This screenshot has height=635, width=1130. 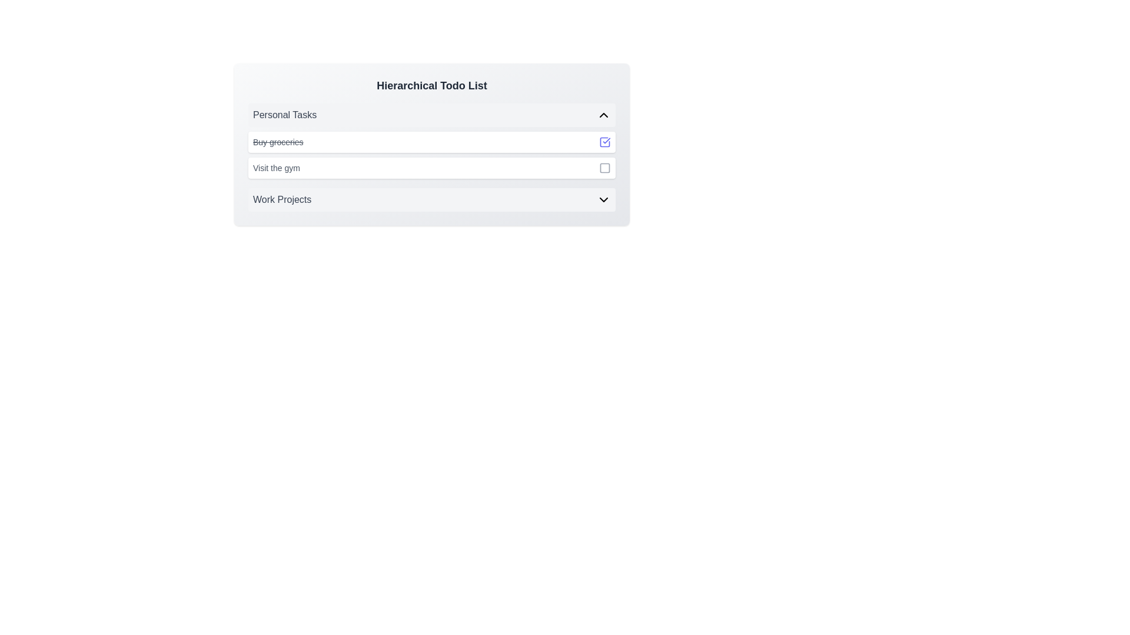 I want to click on the strikethrough on the 'Buy groceries' task item with a checkbox to confirm its completed state, so click(x=431, y=142).